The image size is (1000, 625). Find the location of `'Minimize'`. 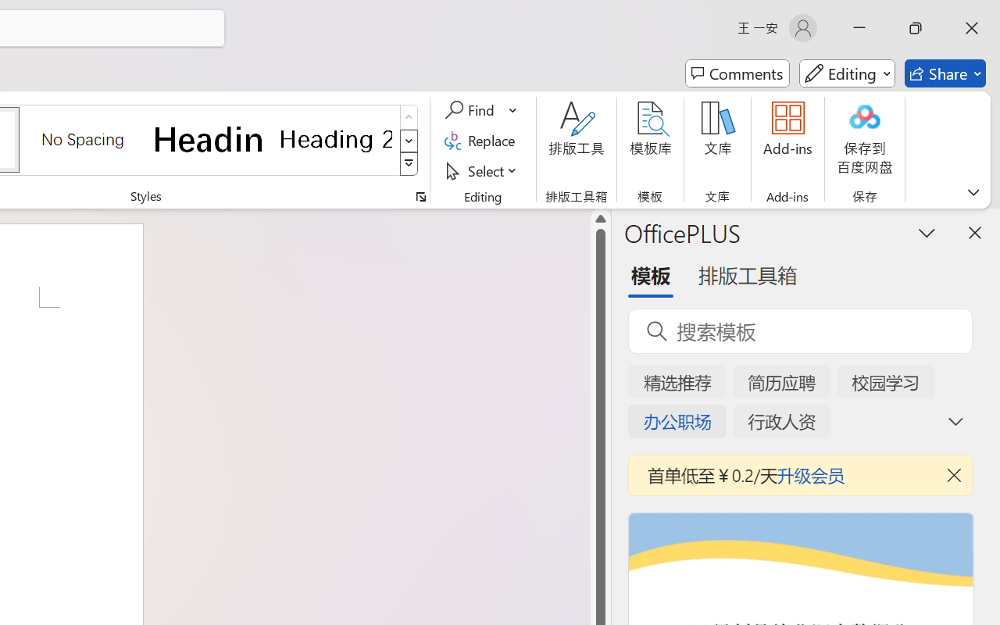

'Minimize' is located at coordinates (859, 27).